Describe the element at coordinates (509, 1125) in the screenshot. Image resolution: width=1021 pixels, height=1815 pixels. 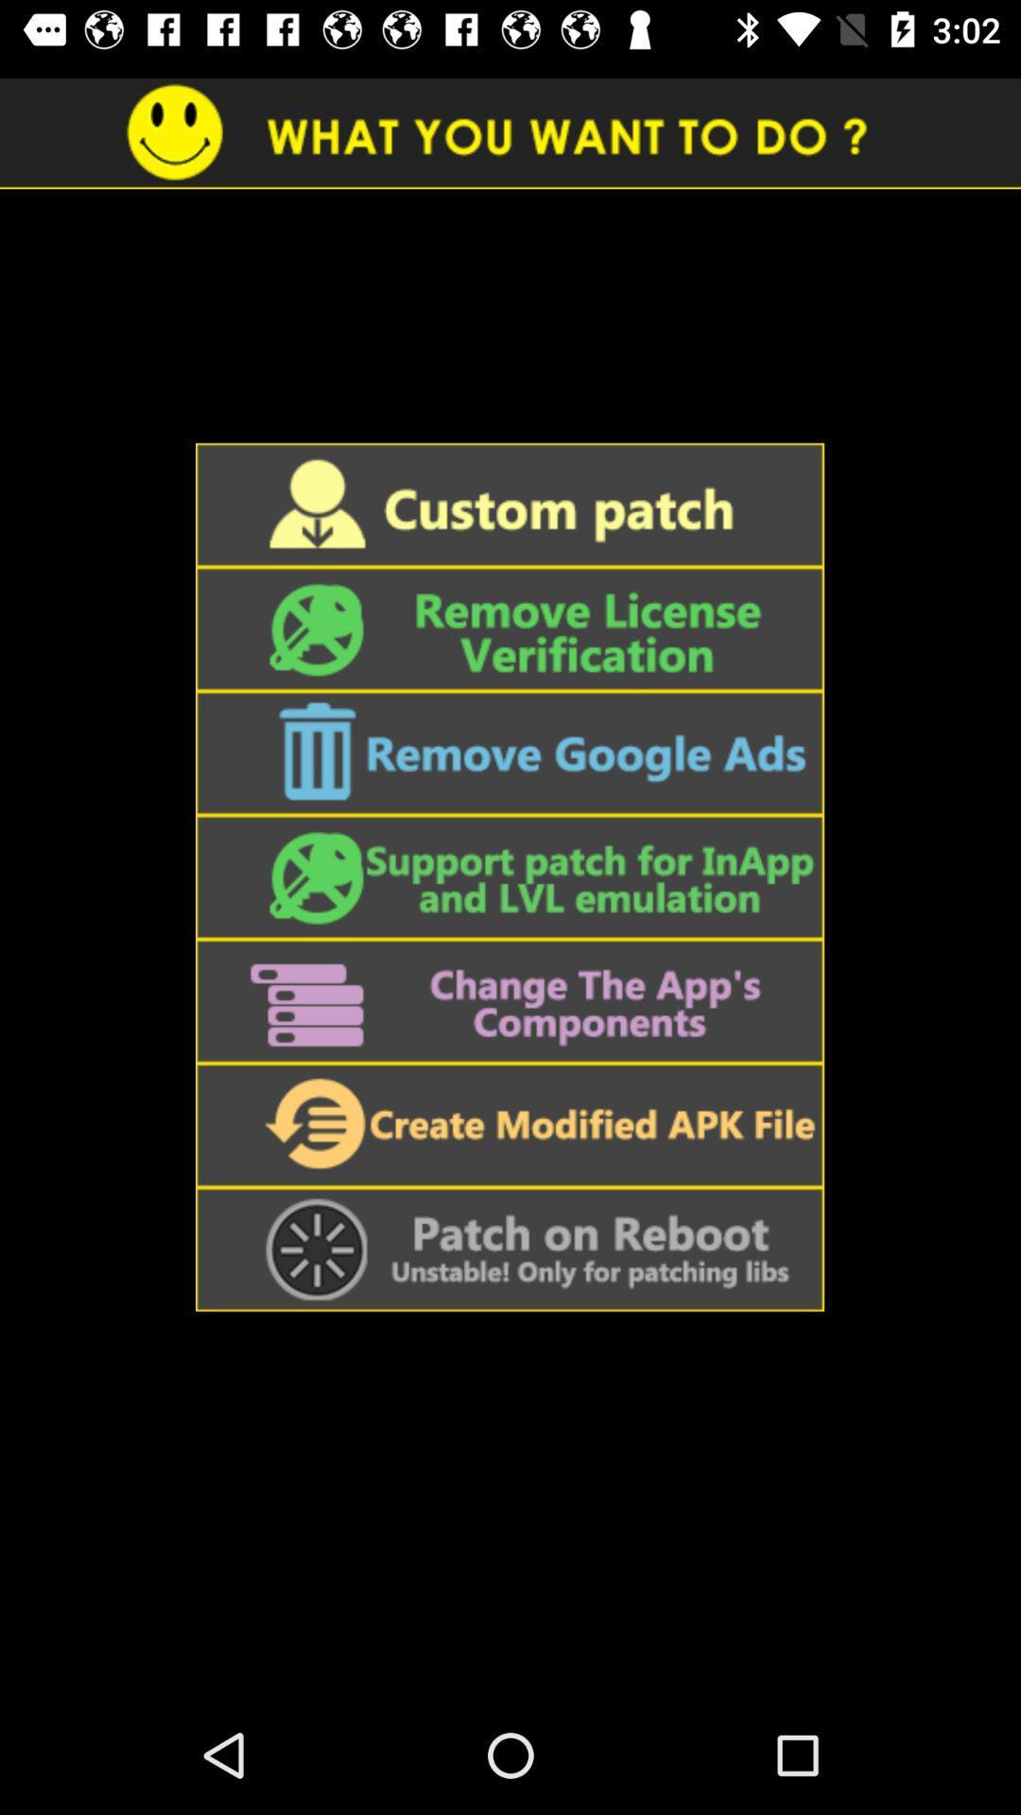
I see `click menu selection` at that location.